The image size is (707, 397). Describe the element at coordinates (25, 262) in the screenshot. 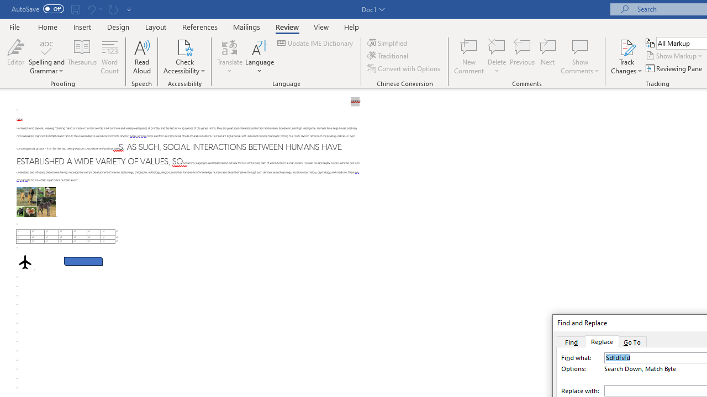

I see `'Airplane with solid fill'` at that location.